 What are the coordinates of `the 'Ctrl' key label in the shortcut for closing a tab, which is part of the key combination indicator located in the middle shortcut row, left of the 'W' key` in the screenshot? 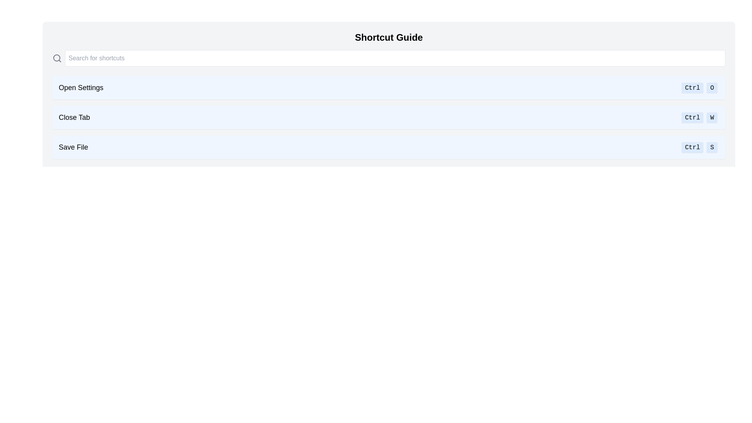 It's located at (692, 117).